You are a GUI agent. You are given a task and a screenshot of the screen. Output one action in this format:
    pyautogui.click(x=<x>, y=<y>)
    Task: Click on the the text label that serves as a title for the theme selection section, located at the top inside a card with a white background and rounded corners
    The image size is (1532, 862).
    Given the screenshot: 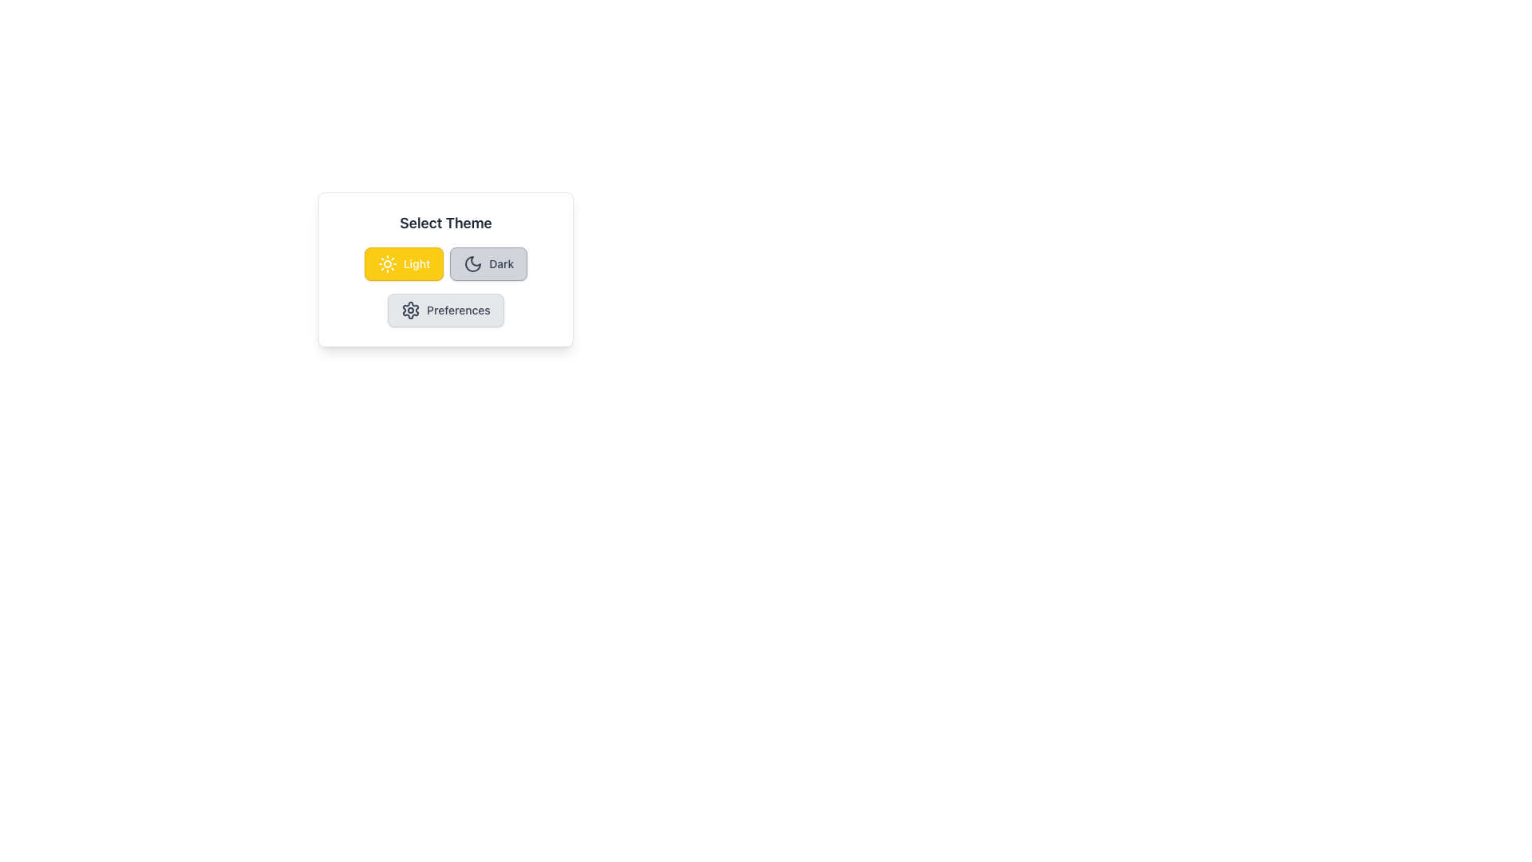 What is the action you would take?
    pyautogui.click(x=445, y=223)
    